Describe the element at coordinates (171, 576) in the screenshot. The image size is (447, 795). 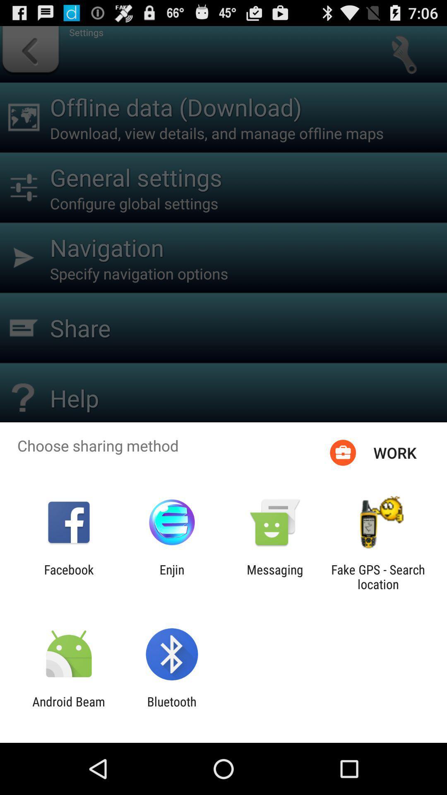
I see `the app next to the messaging app` at that location.